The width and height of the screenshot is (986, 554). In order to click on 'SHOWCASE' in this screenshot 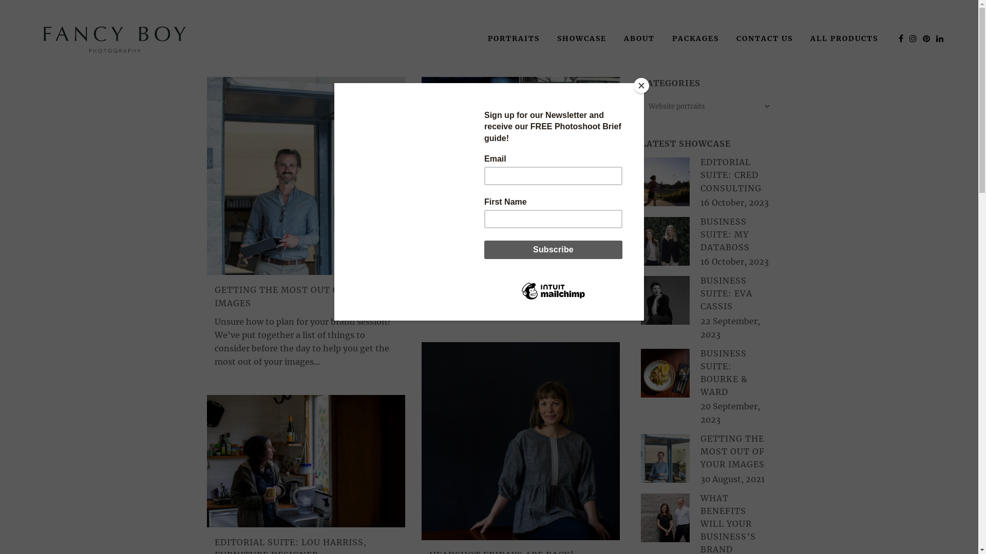, I will do `click(581, 37)`.